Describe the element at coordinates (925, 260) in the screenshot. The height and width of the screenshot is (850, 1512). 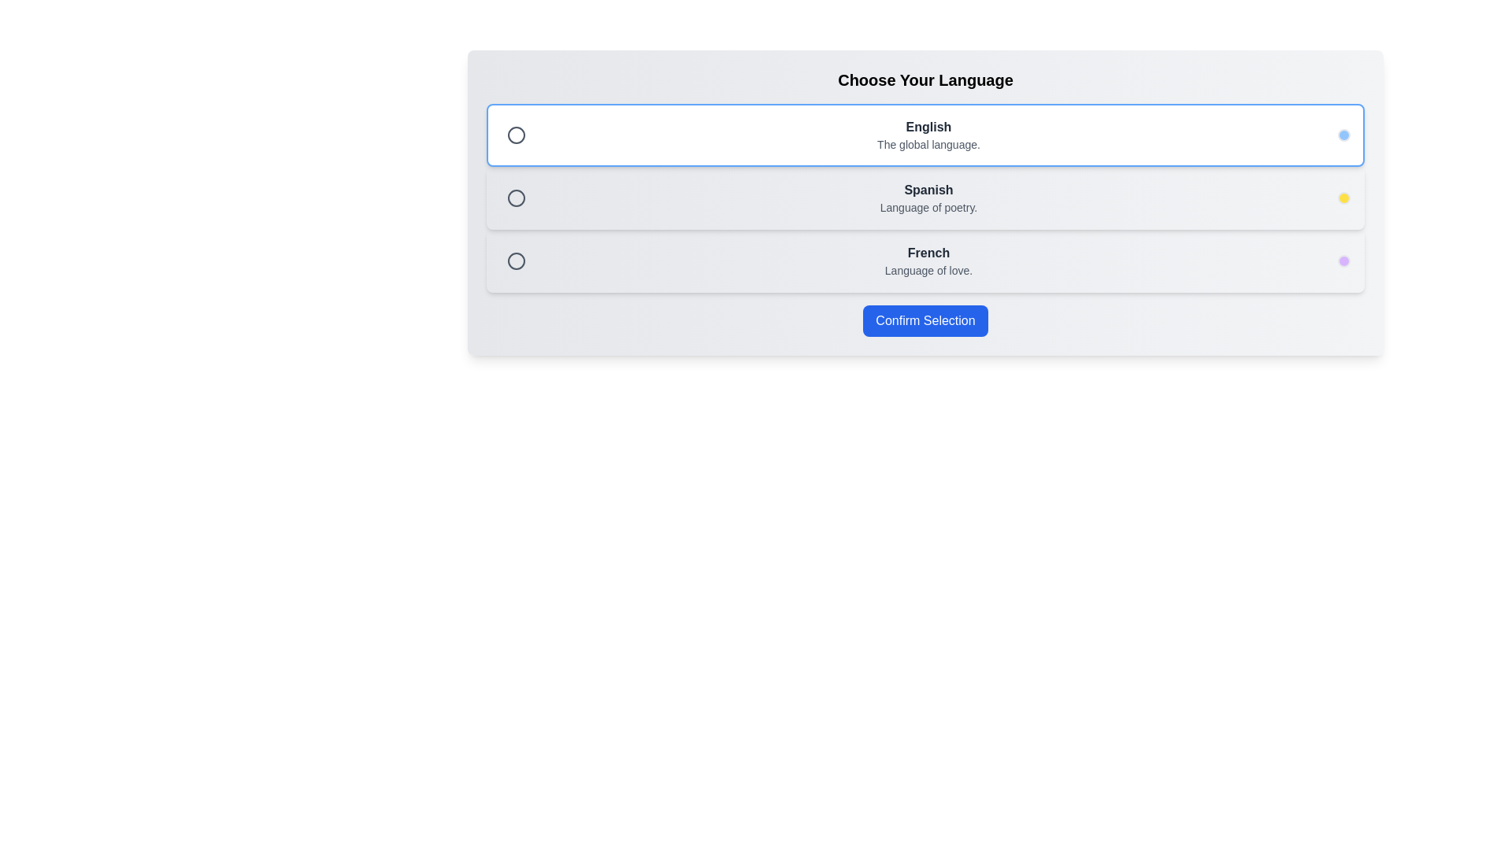
I see `the 'French' language option in the language selection menu, which is the third option in a vertical list, contained within a rounded rectangle` at that location.